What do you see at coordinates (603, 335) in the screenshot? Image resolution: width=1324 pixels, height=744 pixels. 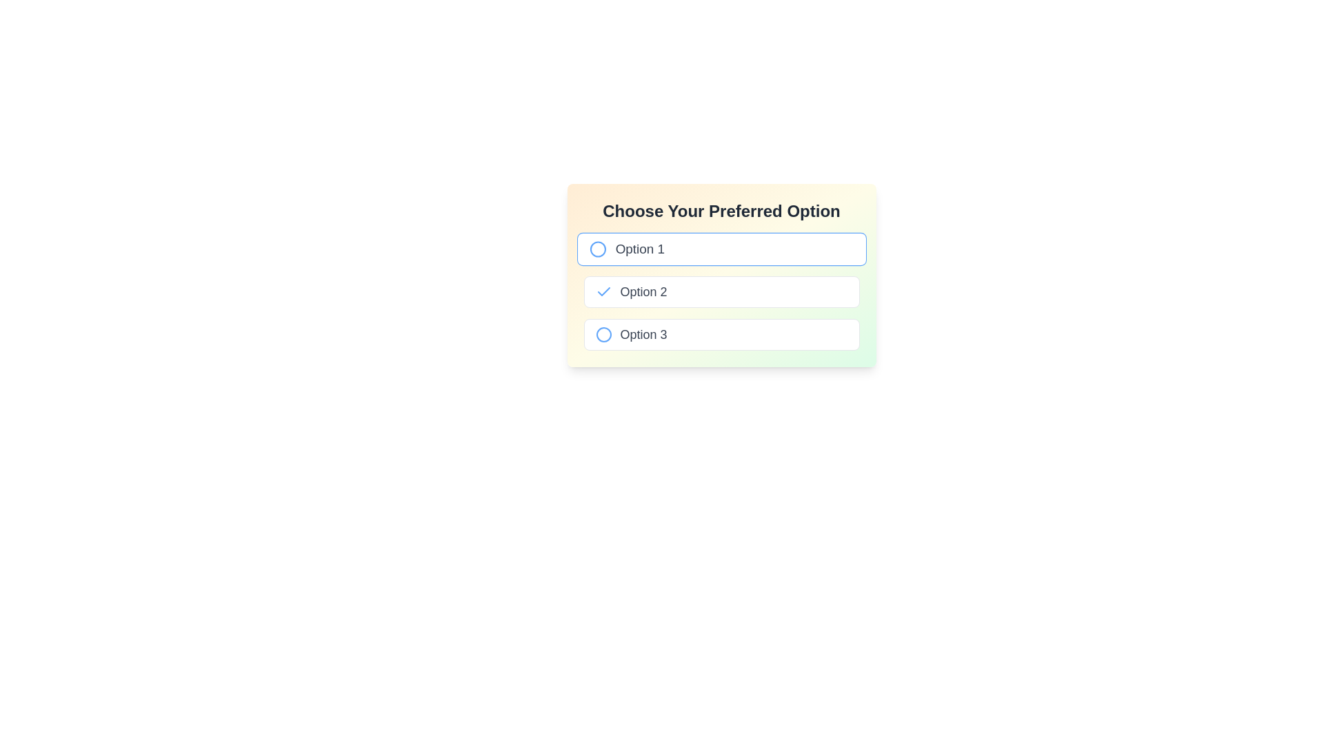 I see `the radio button indicator for the third option labeled 'Option 3' in the multiple-choice selection list` at bounding box center [603, 335].